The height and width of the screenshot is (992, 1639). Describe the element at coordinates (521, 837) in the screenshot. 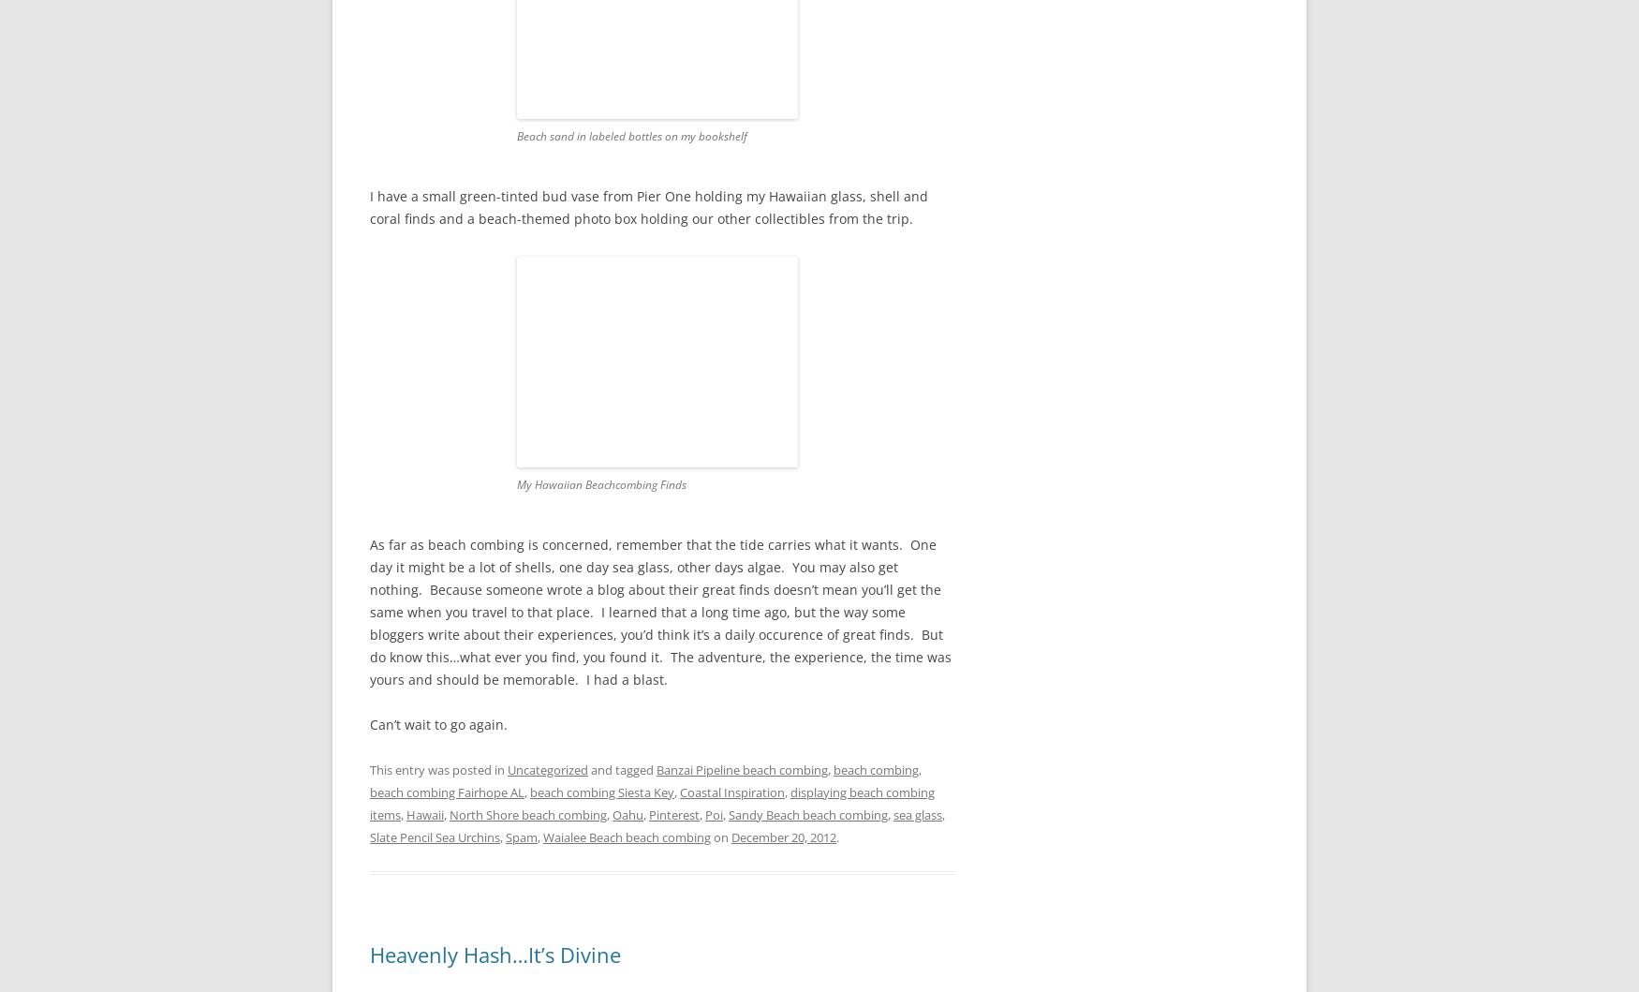

I see `'Spam'` at that location.